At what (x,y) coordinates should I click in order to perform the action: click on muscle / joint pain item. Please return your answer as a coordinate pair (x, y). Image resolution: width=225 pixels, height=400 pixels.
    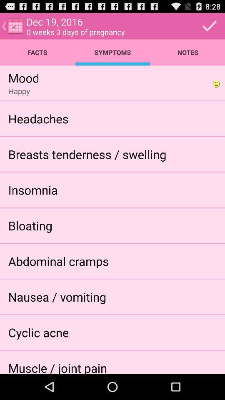
    Looking at the image, I should click on (57, 366).